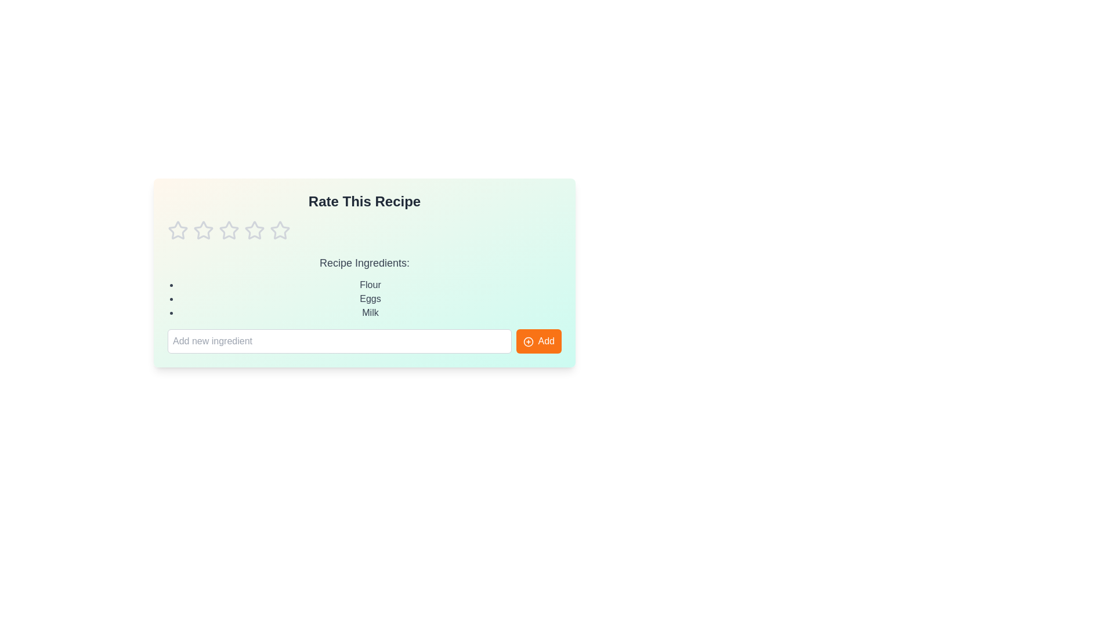 Image resolution: width=1114 pixels, height=626 pixels. I want to click on the 'Add new ingredient' input field and type the text 'Sugar', so click(339, 341).